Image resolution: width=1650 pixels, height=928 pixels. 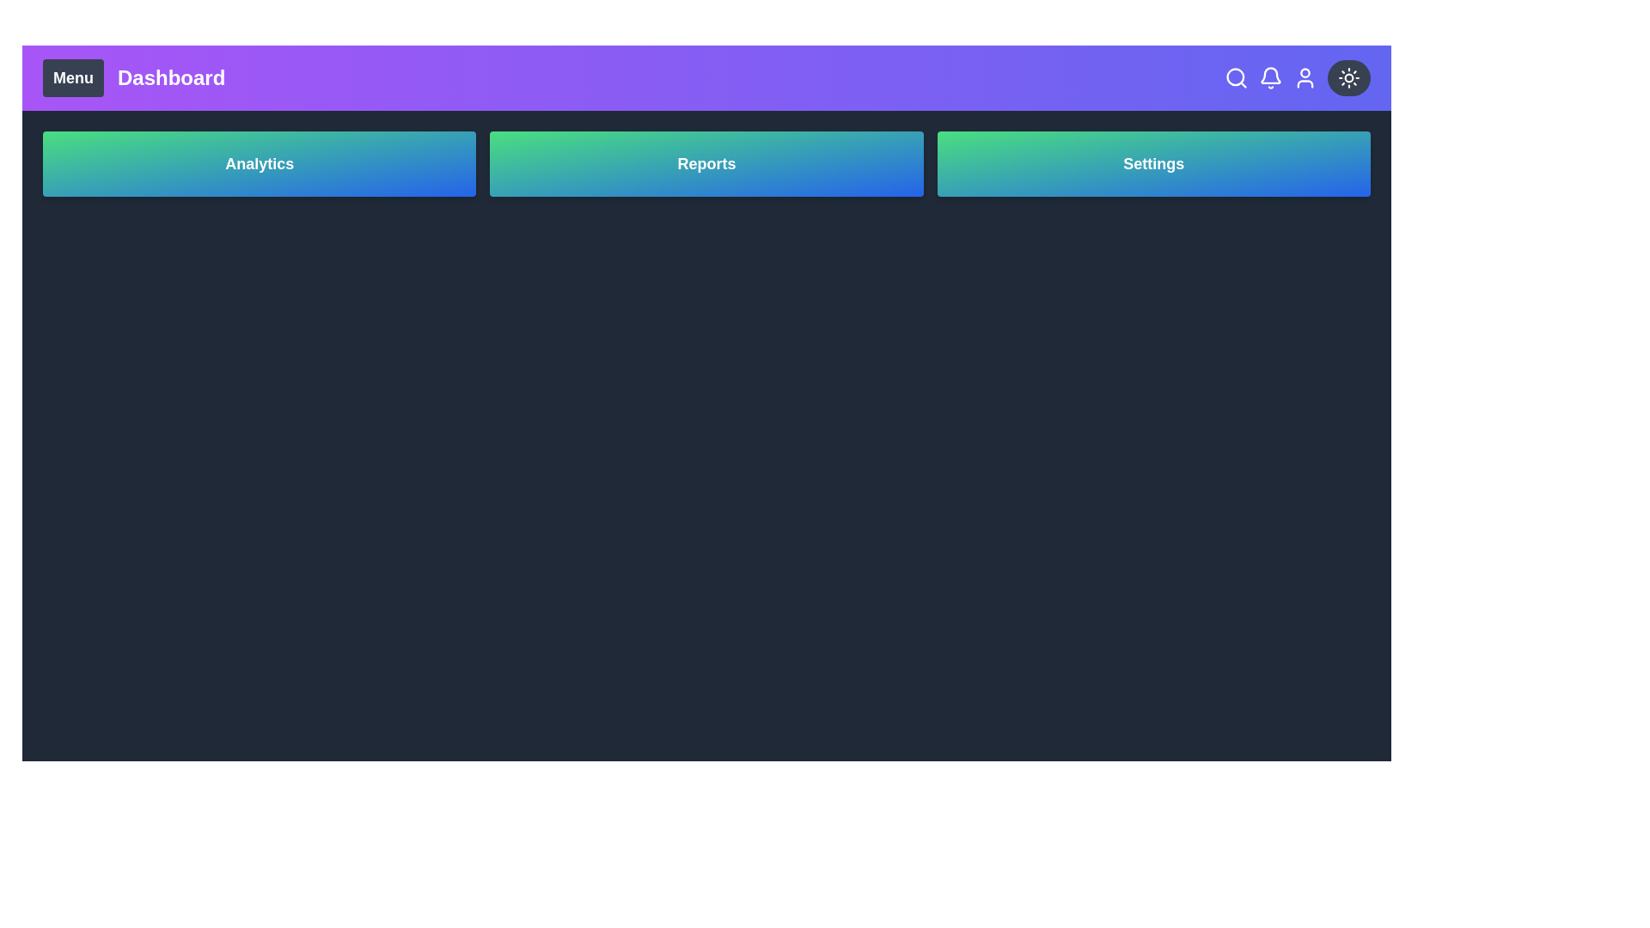 I want to click on the header background gradient area to acknowledge its aesthetic, so click(x=706, y=78).